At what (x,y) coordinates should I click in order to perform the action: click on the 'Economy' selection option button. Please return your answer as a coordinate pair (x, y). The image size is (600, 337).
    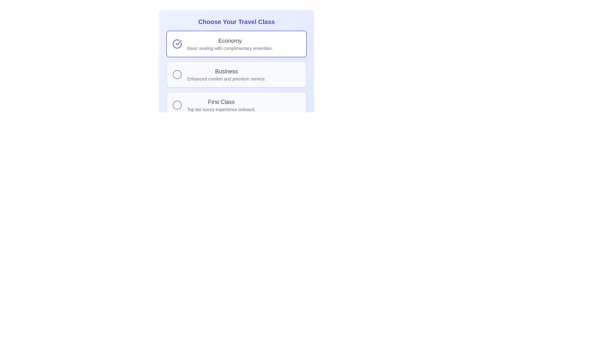
    Looking at the image, I should click on (236, 44).